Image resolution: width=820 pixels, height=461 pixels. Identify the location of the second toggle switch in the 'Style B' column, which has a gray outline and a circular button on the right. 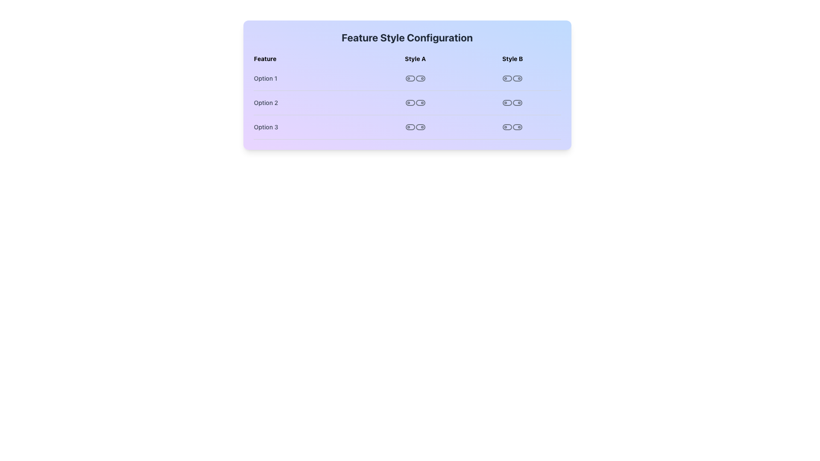
(517, 102).